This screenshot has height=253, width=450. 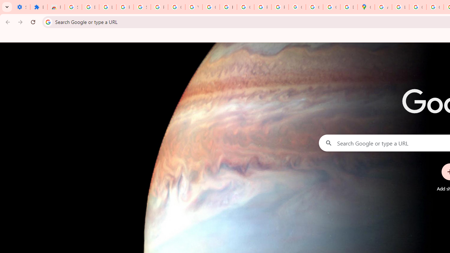 What do you see at coordinates (418, 7) in the screenshot?
I see `'Create your Google Account'` at bounding box center [418, 7].